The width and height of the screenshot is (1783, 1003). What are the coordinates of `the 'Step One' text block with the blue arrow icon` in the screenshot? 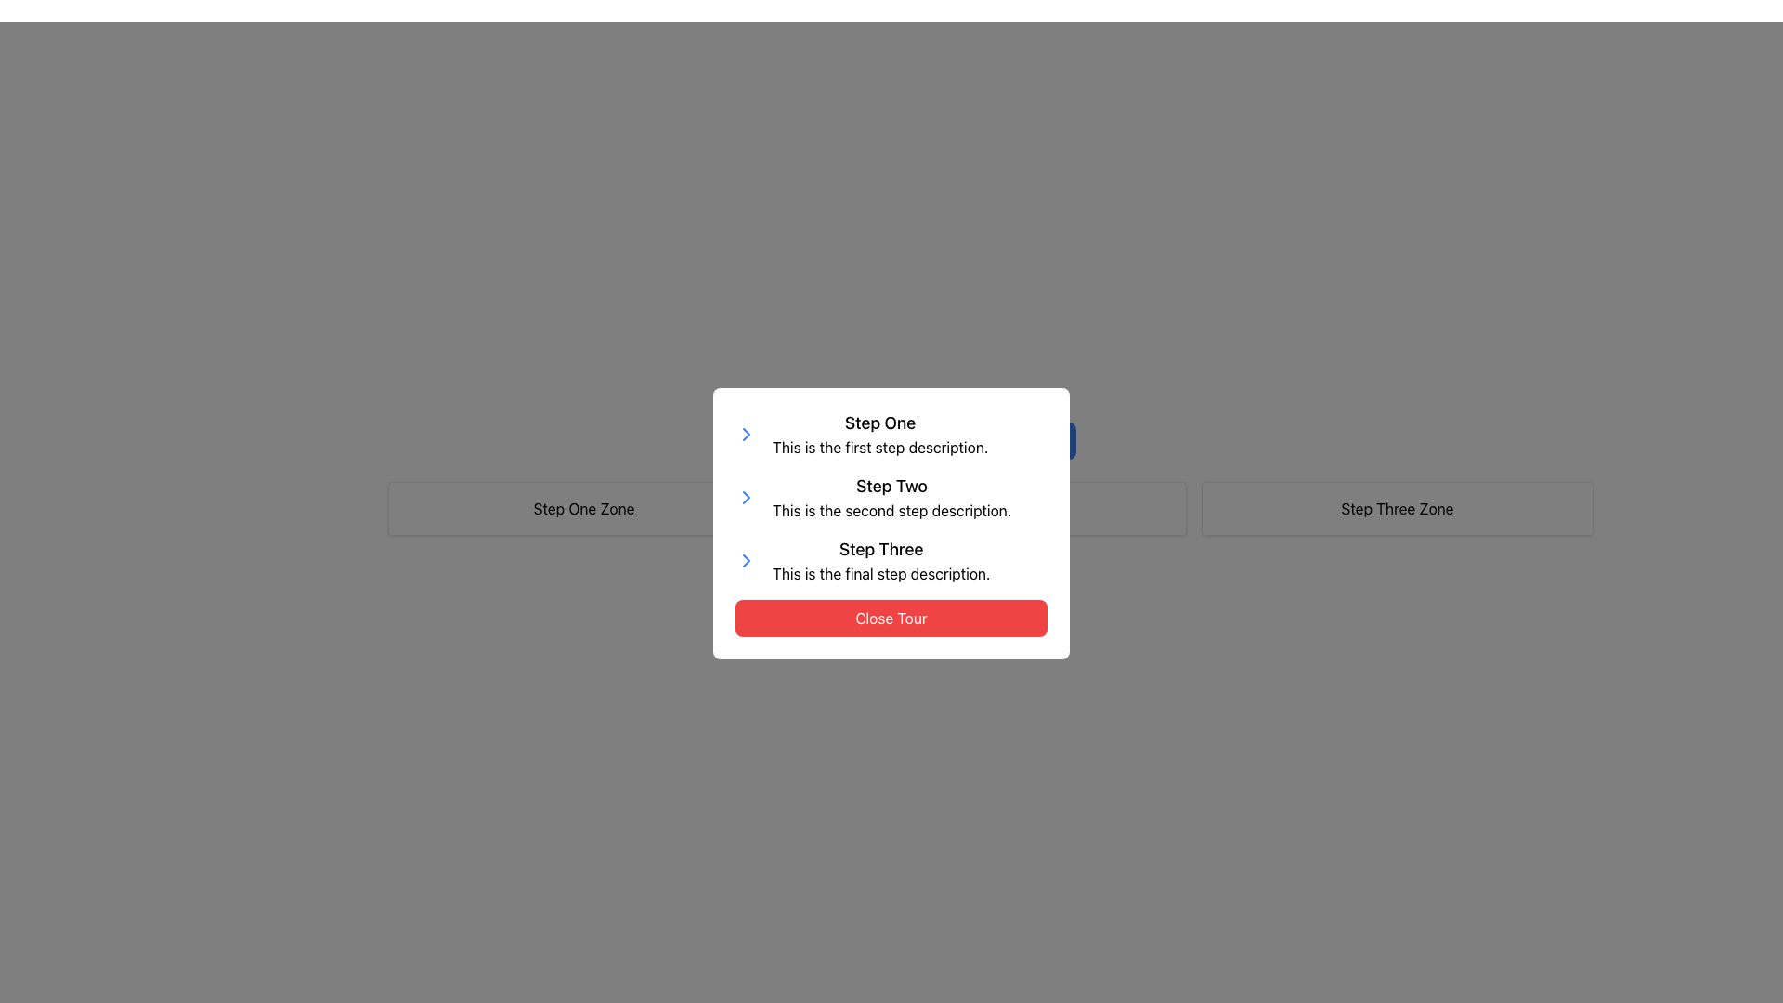 It's located at (891, 434).